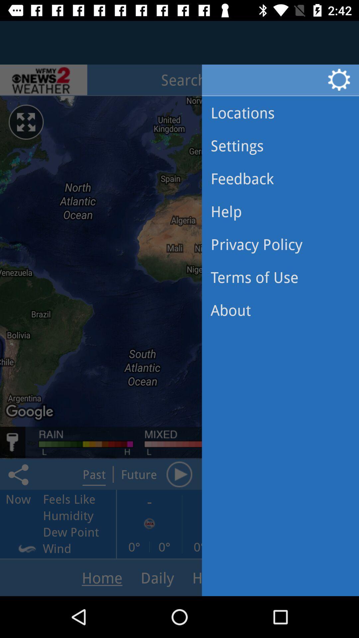 The image size is (359, 638). Describe the element at coordinates (19, 474) in the screenshot. I see `the share icon` at that location.